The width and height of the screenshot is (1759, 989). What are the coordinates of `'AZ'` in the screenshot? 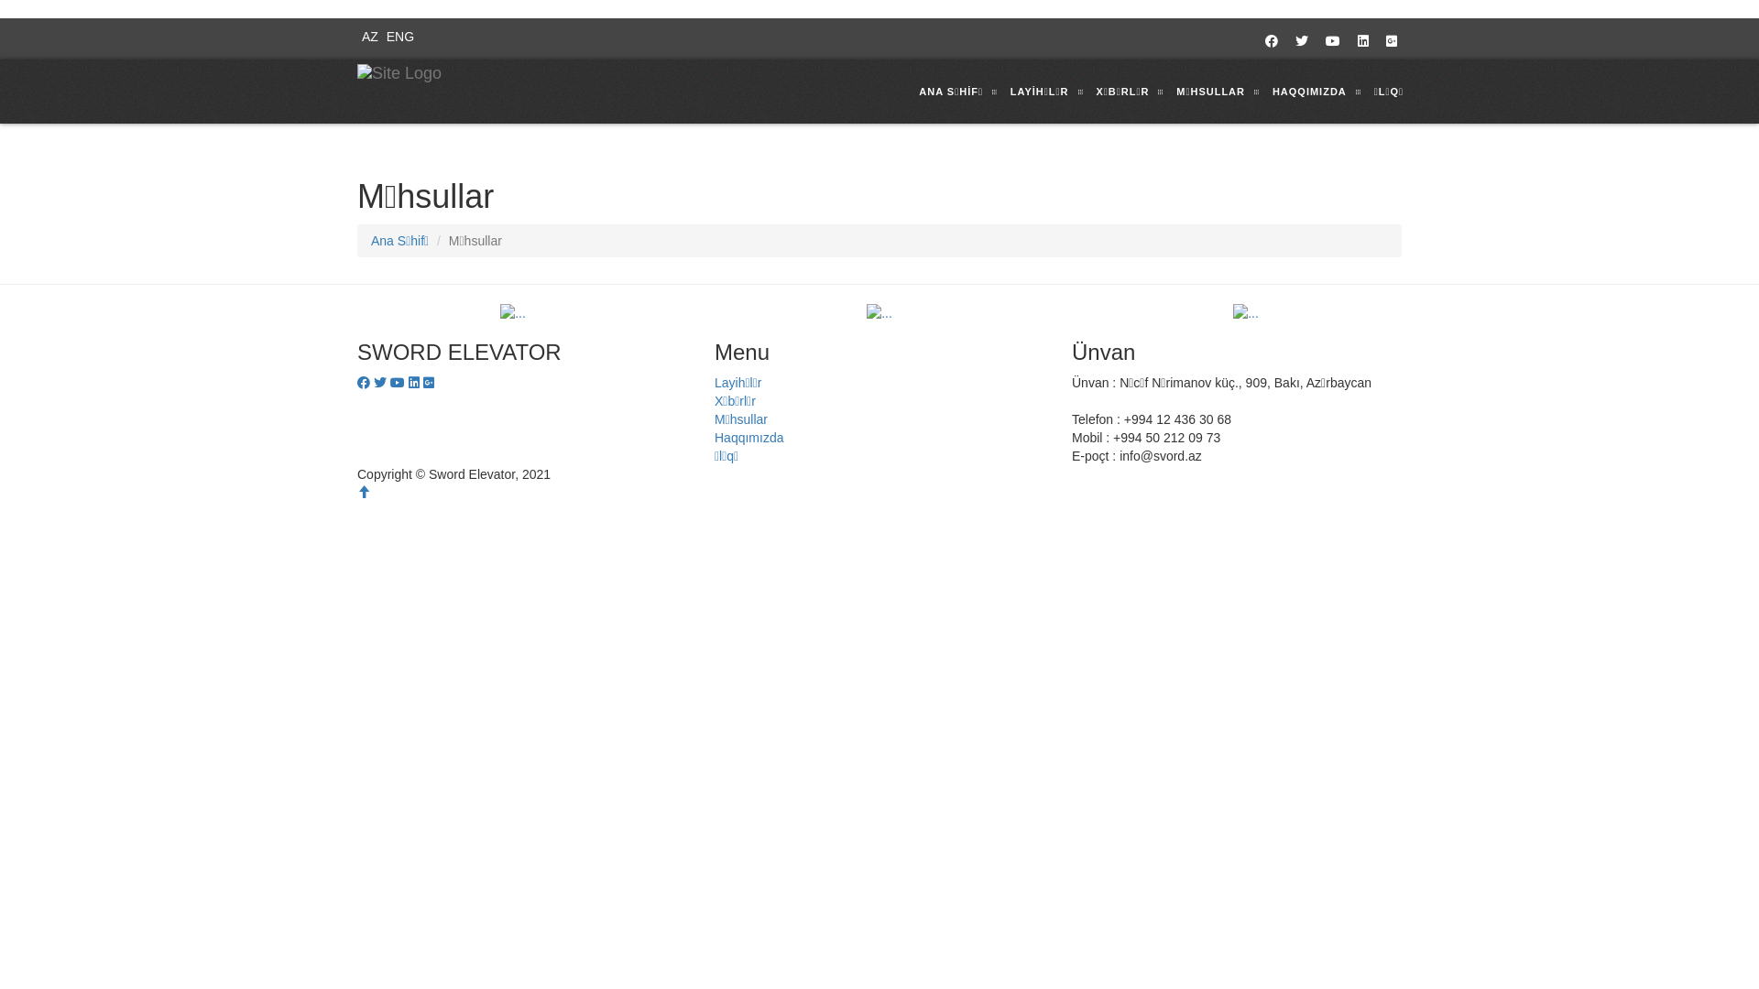 It's located at (366, 36).